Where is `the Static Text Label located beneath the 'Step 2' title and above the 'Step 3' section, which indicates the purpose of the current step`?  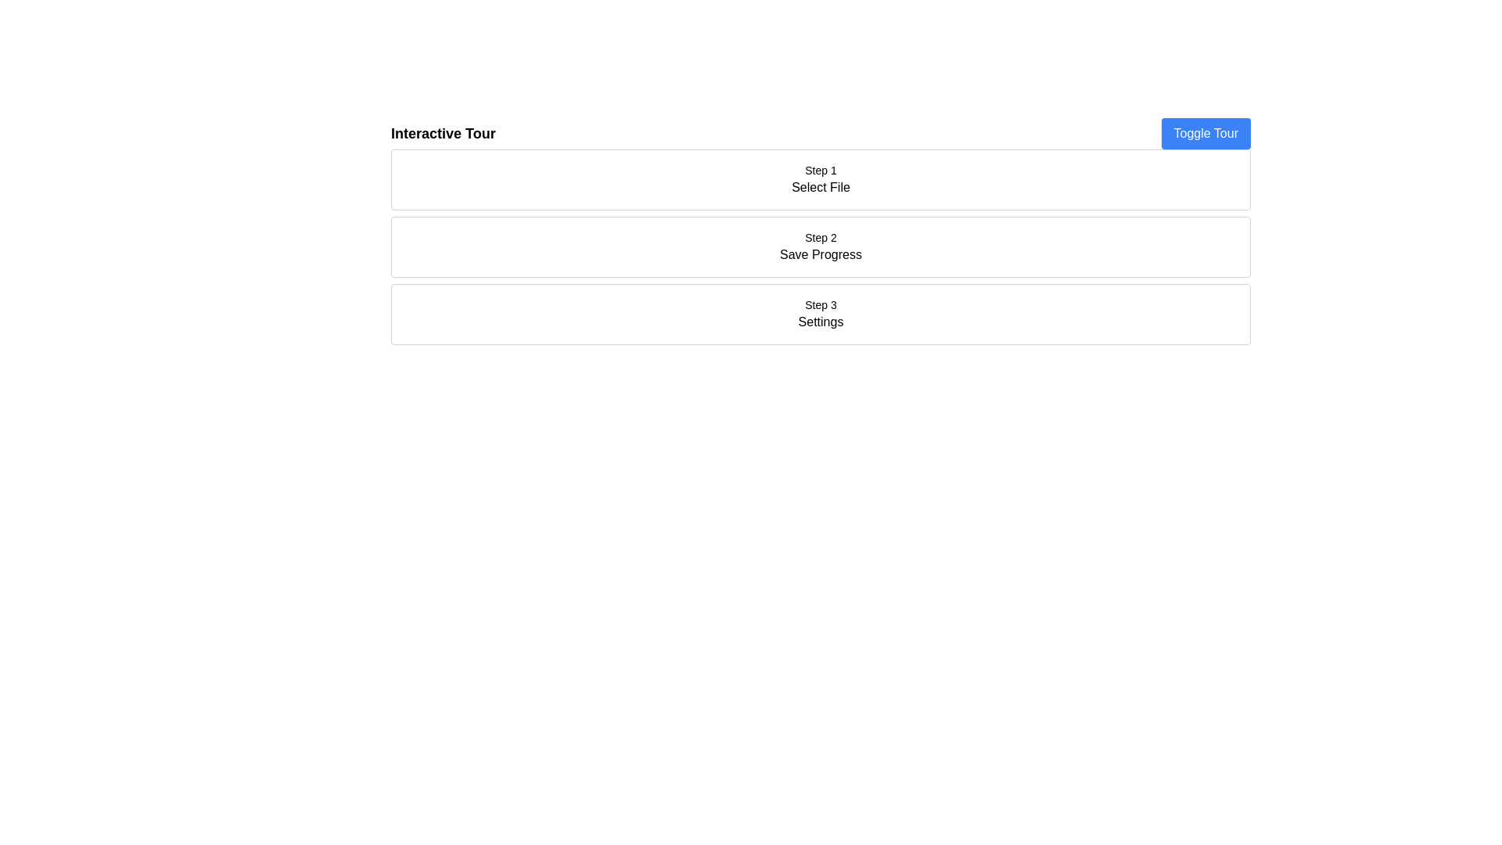
the Static Text Label located beneath the 'Step 2' title and above the 'Step 3' section, which indicates the purpose of the current step is located at coordinates (820, 254).